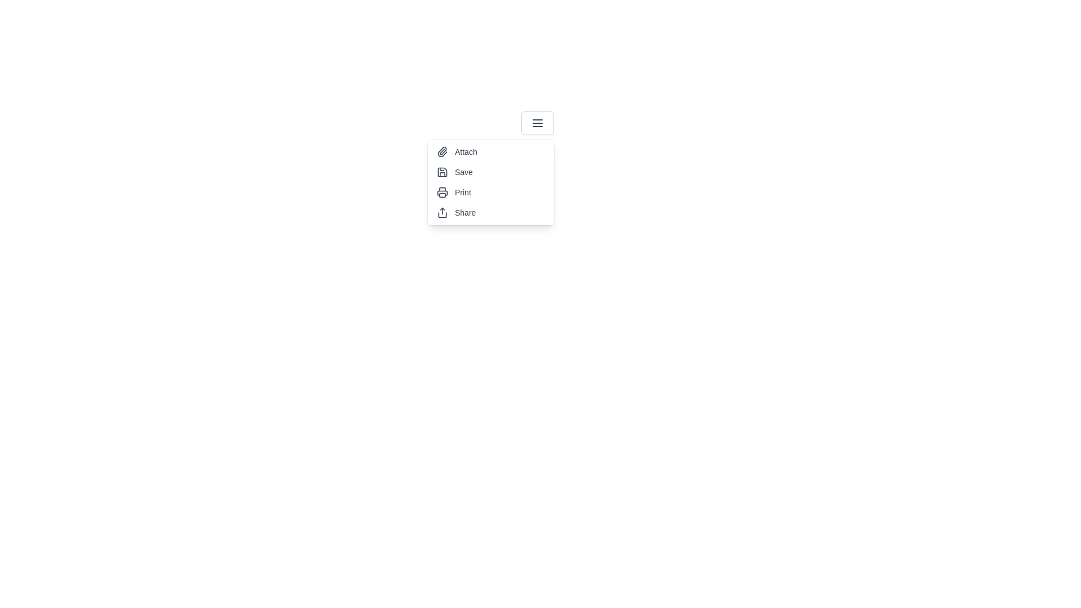  What do you see at coordinates (491, 152) in the screenshot?
I see `the 'Attach' menu option, which is the first item in a vertical dropdown menu` at bounding box center [491, 152].